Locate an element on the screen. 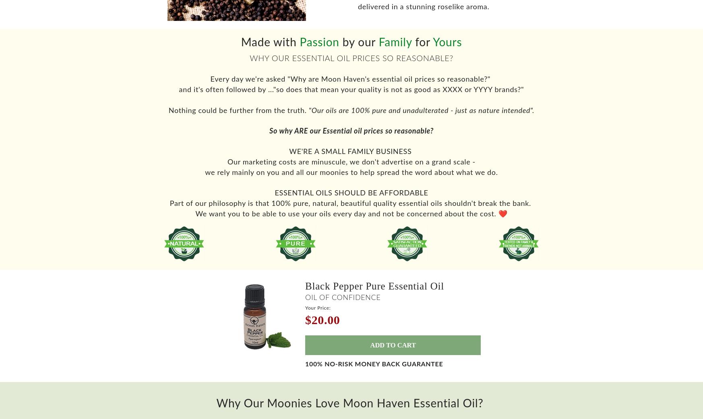  'Moon Haven Essential Oil?' is located at coordinates (413, 409).